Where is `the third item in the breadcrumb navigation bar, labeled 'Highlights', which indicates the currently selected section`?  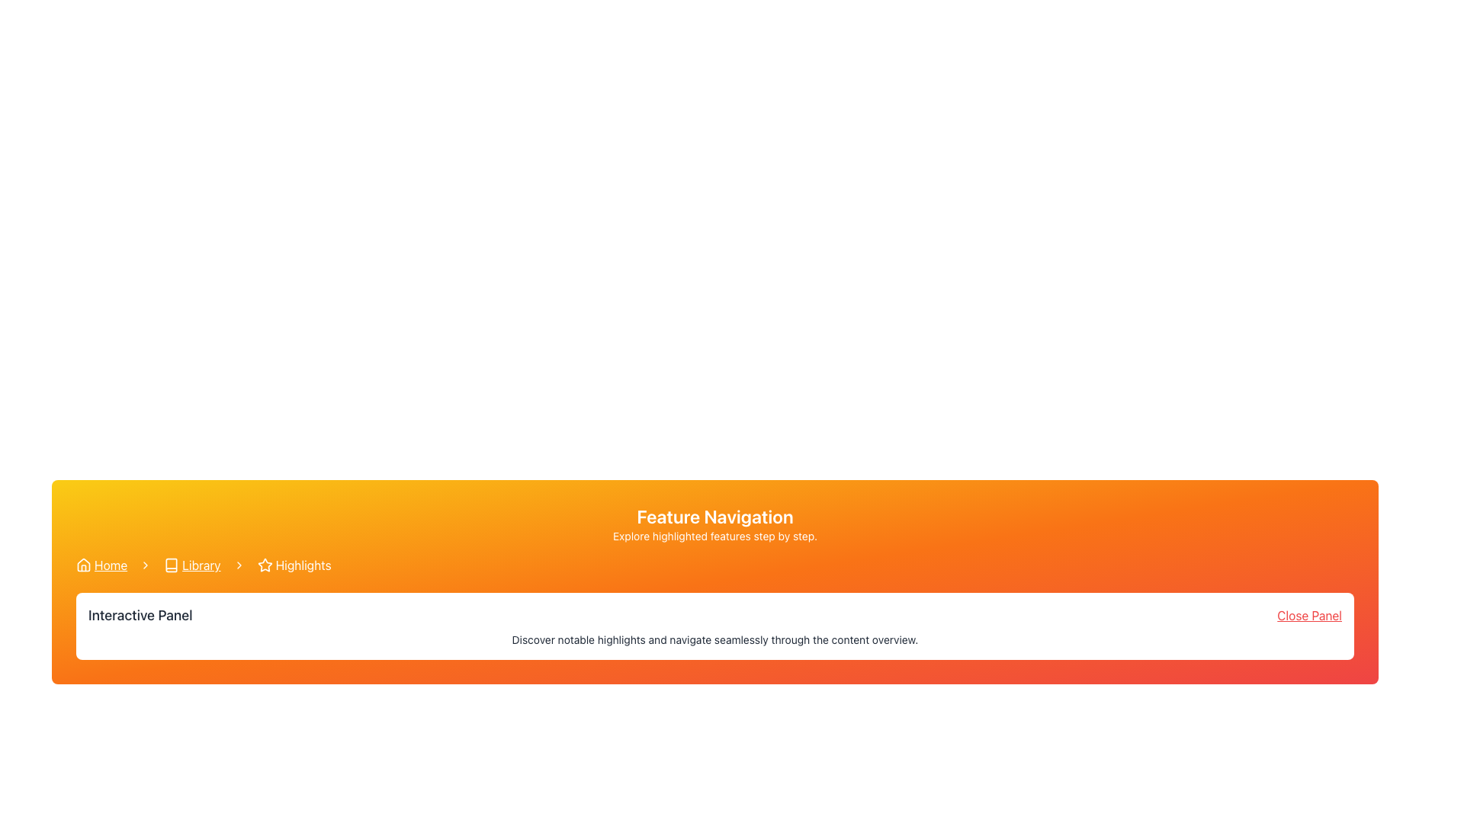 the third item in the breadcrumb navigation bar, labeled 'Highlights', which indicates the currently selected section is located at coordinates (294, 565).